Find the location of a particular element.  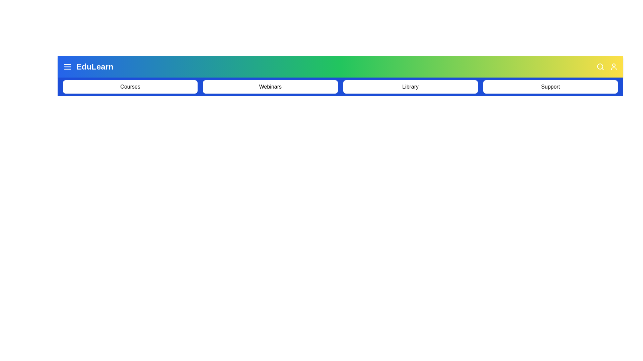

the menu item Webinars is located at coordinates (270, 86).